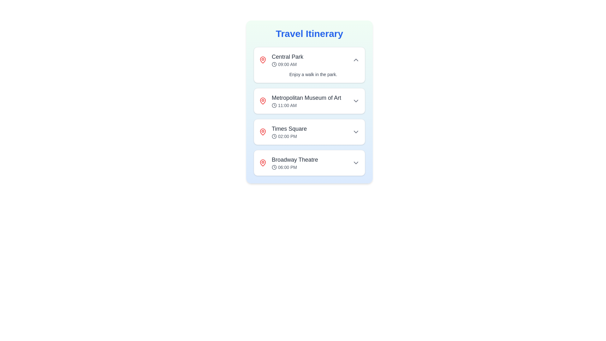 The height and width of the screenshot is (341, 606). What do you see at coordinates (263, 163) in the screenshot?
I see `the icon indicating the location of 'Broadway Theatre' in the 'Travel Itinerary' section, positioned to the left of the text 'Broadway Theatre'` at bounding box center [263, 163].